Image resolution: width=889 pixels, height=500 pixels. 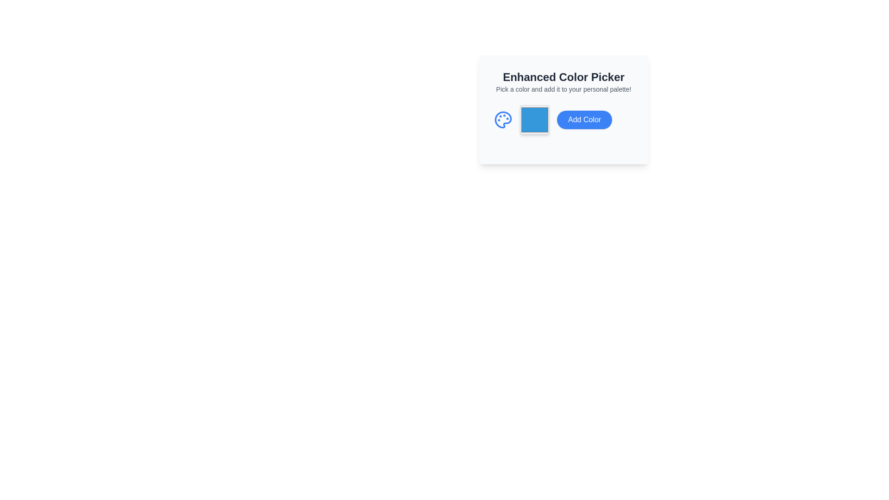 What do you see at coordinates (584, 119) in the screenshot?
I see `the 'Add Color' button, which is a rounded button with a bright blue background and white text` at bounding box center [584, 119].